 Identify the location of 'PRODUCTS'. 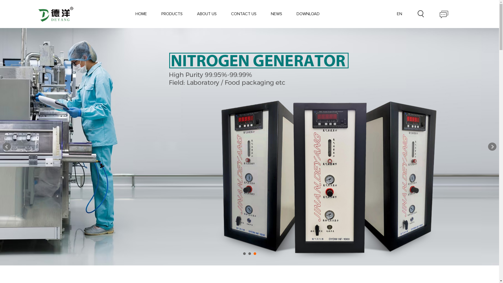
(172, 14).